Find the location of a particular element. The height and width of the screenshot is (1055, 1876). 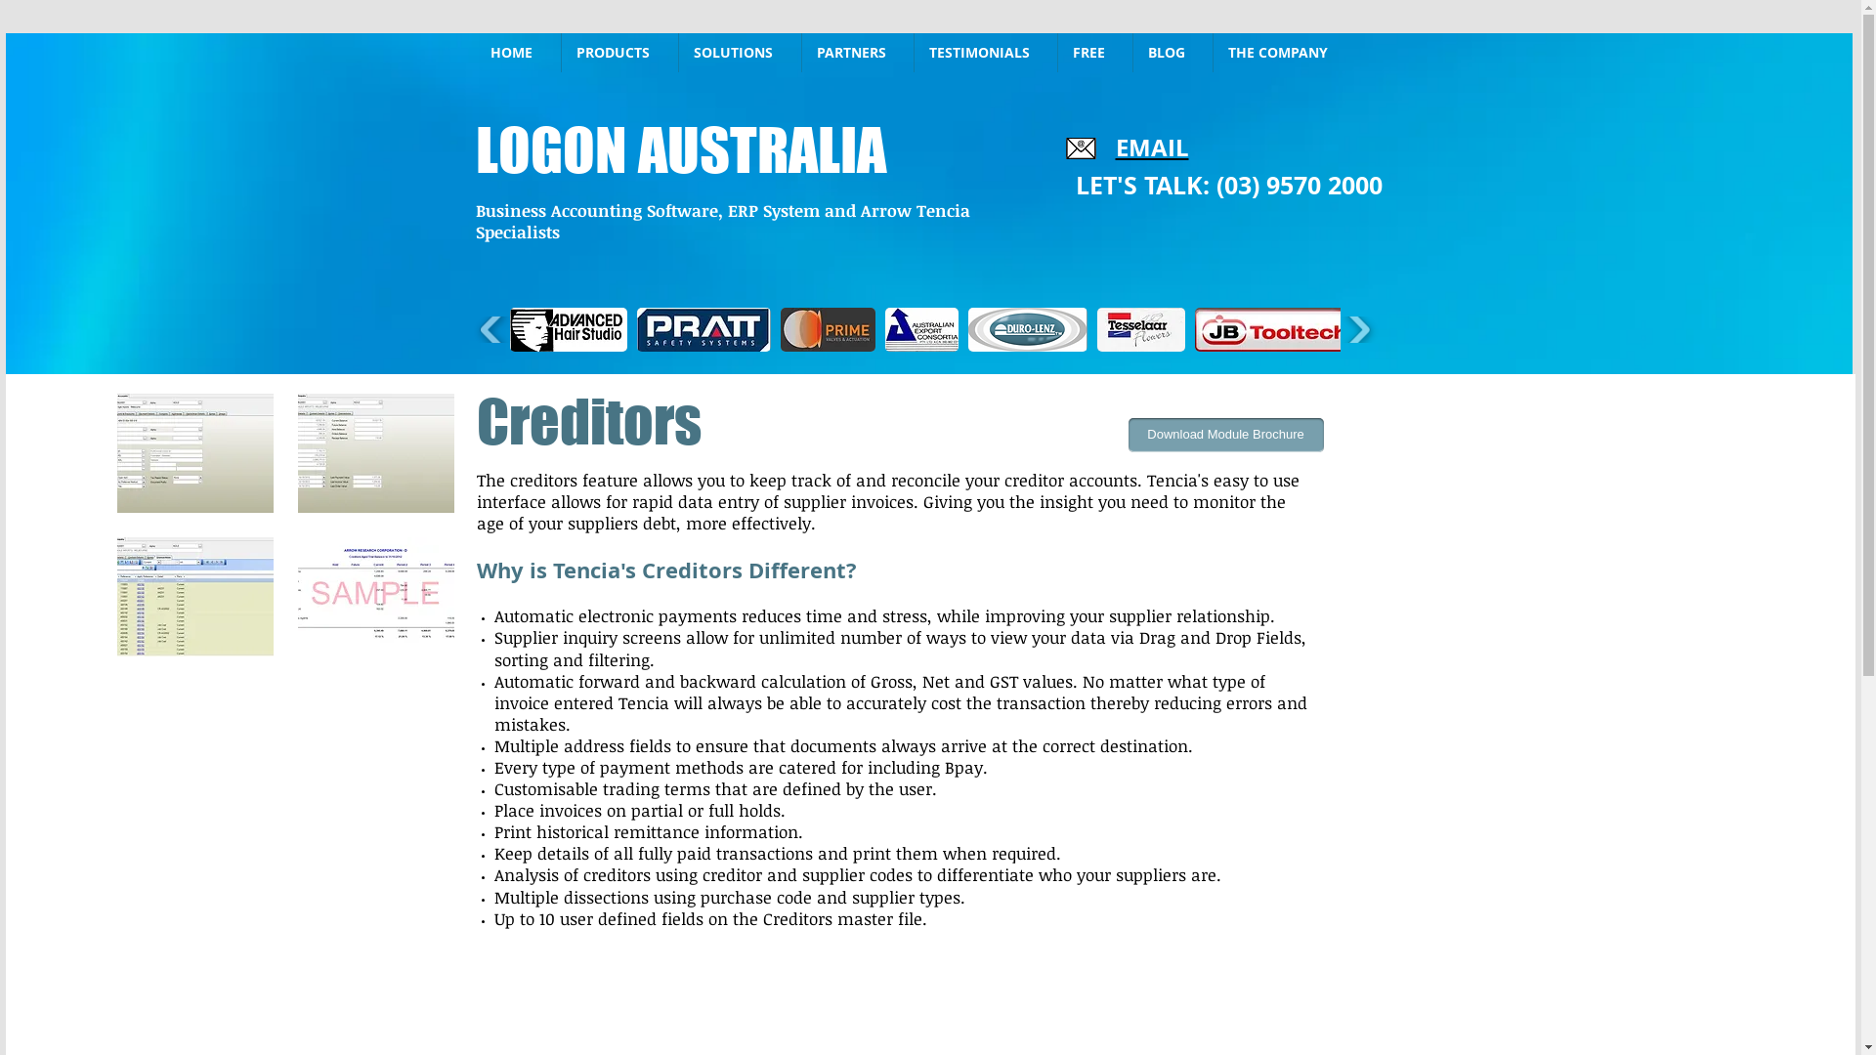

'PRODUCTS' is located at coordinates (618, 52).